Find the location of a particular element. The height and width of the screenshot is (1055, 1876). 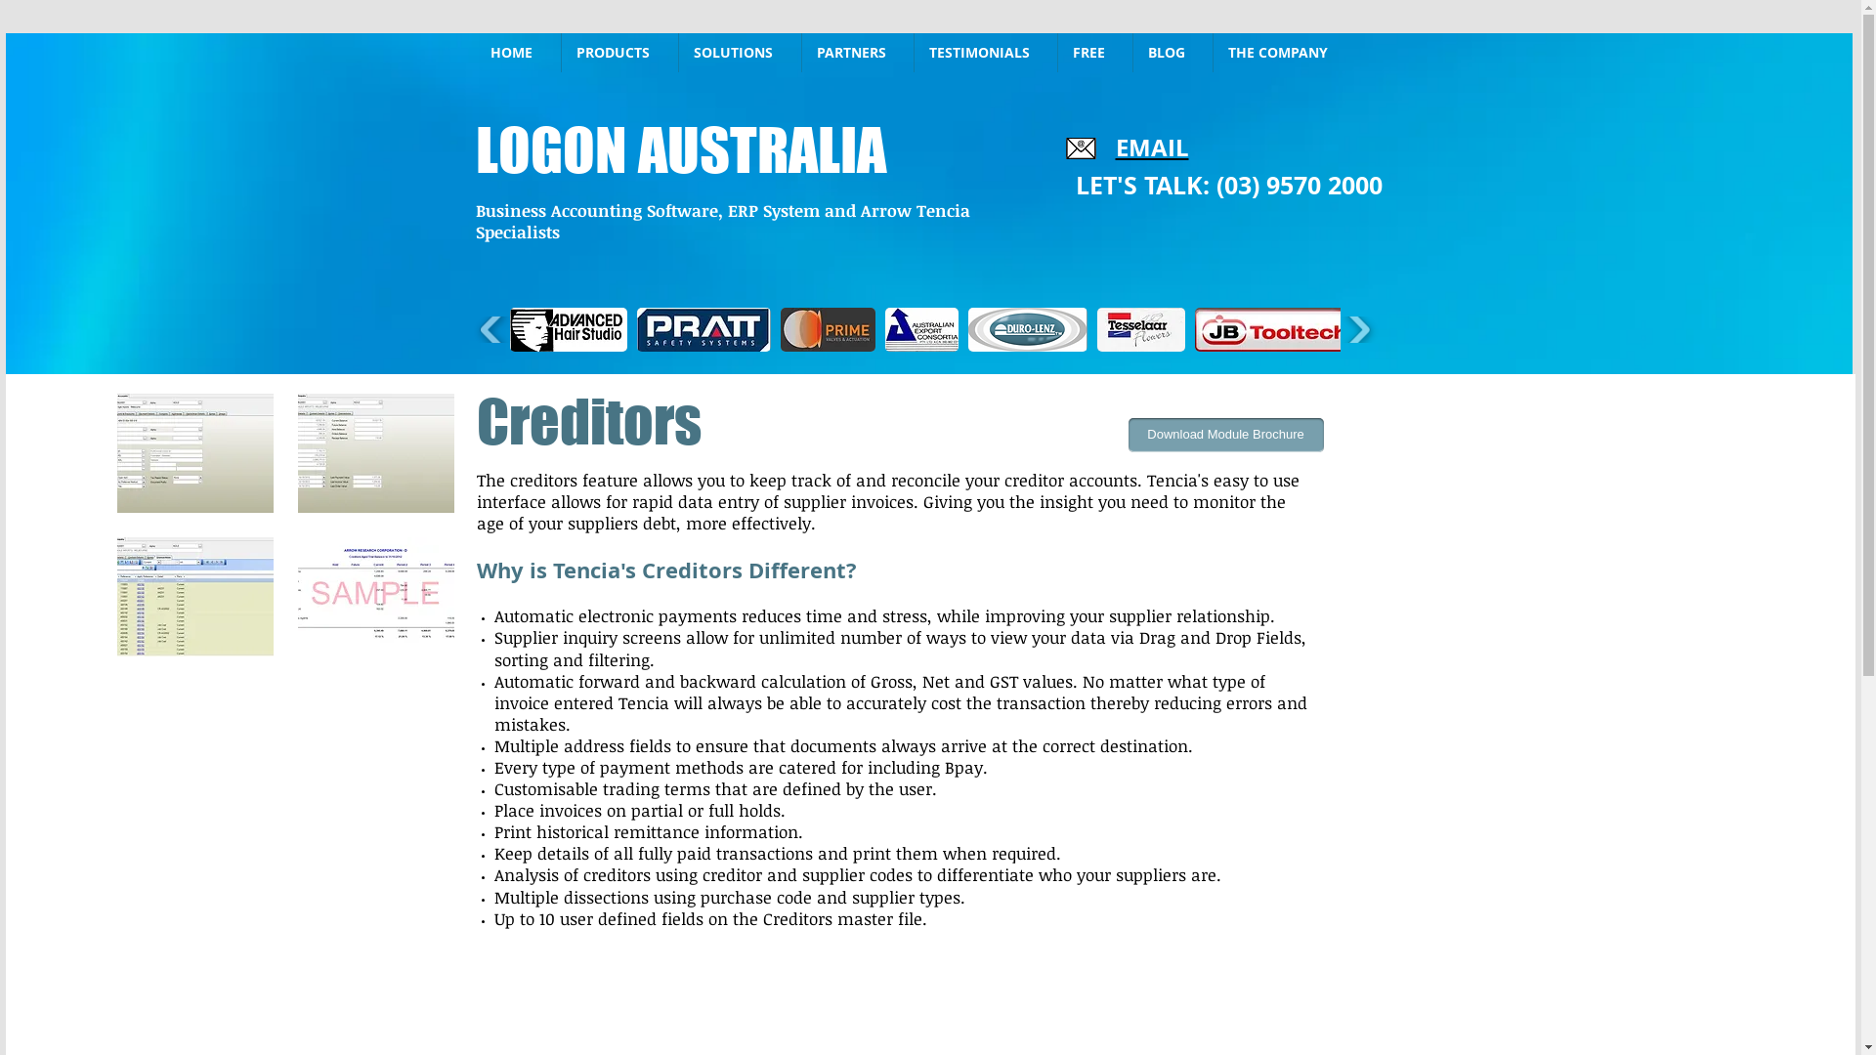

'PRODUCTS' is located at coordinates (618, 52).